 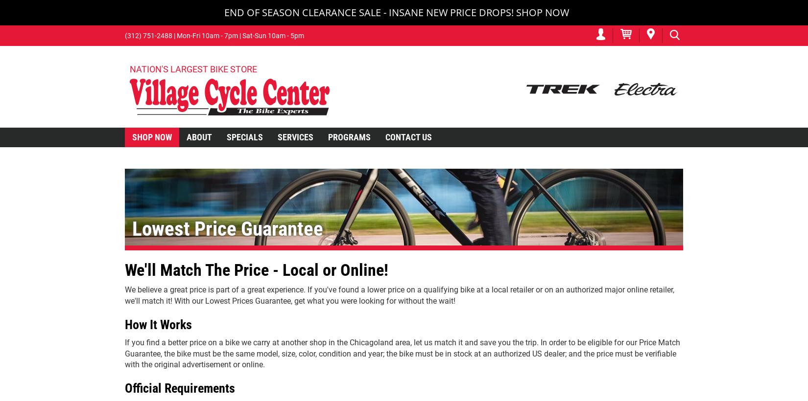 What do you see at coordinates (180, 388) in the screenshot?
I see `'Official Requirements'` at bounding box center [180, 388].